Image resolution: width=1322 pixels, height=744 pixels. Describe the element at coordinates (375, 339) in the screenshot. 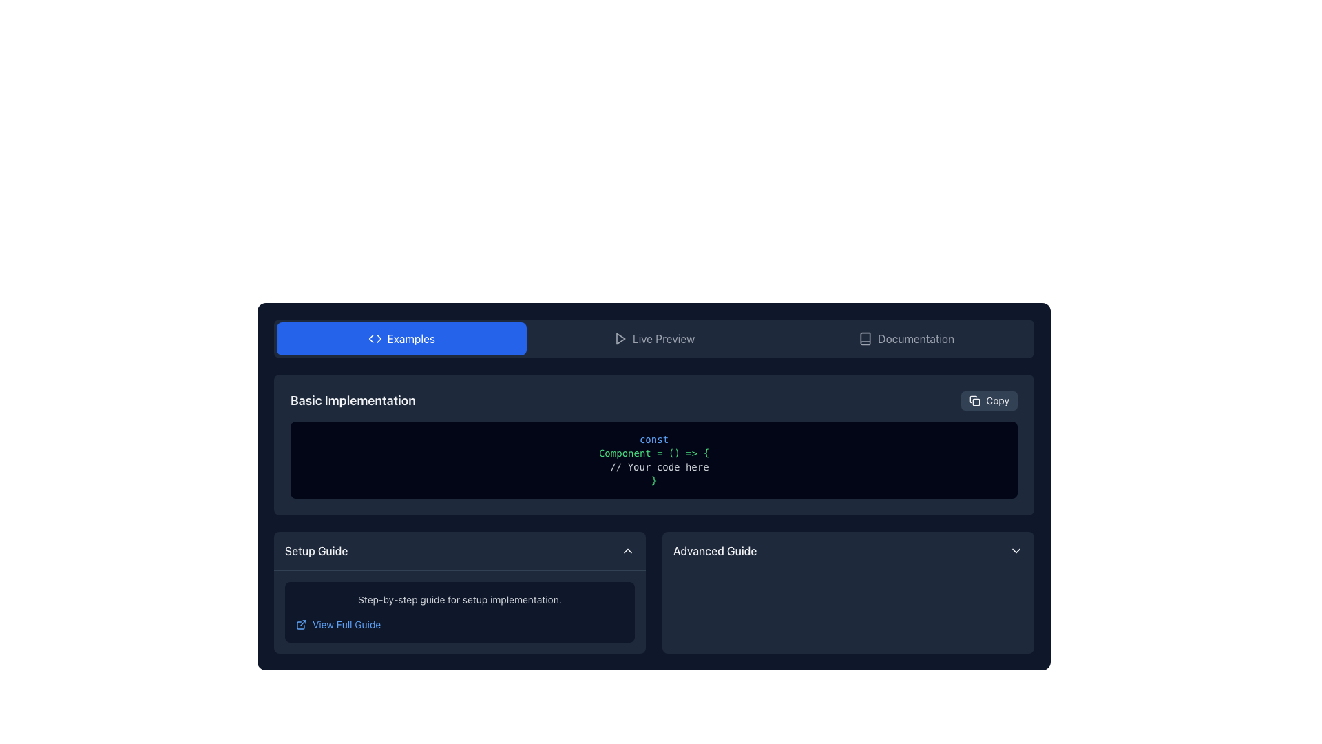

I see `the SVG icon resembling a bidirectional arrow located within the 'Examples' button, positioned next to the text label 'Examples'` at that location.